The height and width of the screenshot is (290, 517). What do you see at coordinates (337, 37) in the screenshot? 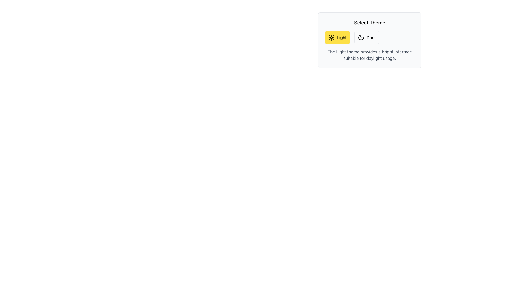
I see `the yellow rectangular button labeled 'Light' with a sun icon` at bounding box center [337, 37].